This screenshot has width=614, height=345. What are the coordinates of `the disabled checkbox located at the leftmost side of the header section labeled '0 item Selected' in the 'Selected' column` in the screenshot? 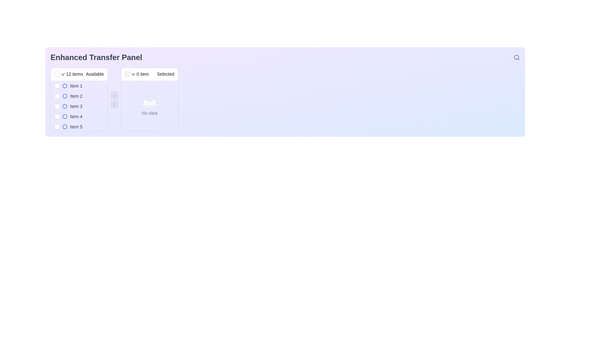 It's located at (127, 73).